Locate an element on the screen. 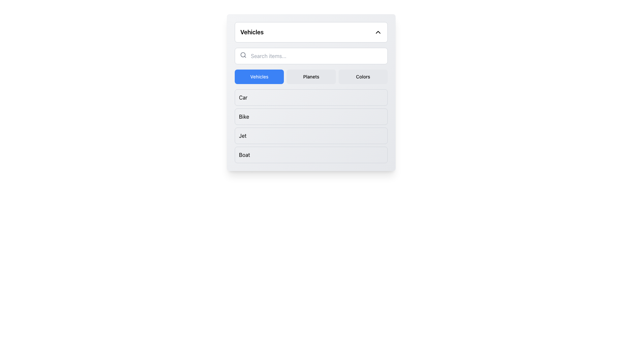 The width and height of the screenshot is (633, 356). the 'Colors' button located in the top-right section of the panel, which is the third button in a horizontal layout of three buttons is located at coordinates (363, 76).